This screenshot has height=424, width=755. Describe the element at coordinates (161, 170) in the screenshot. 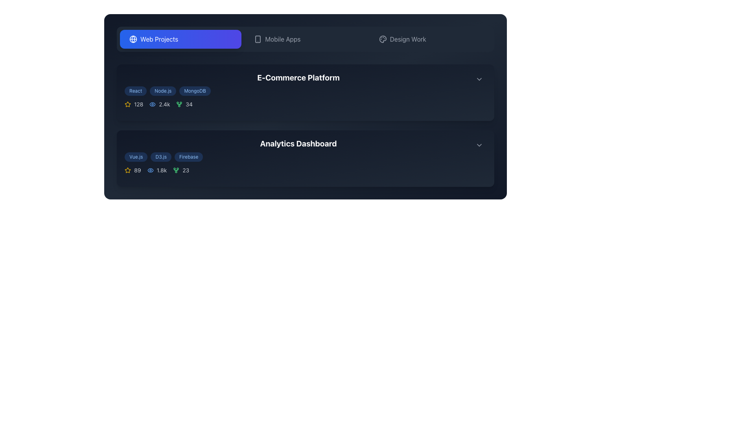

I see `the text label displaying the view count in the 'Analytics Dashboard' section, located centrally below the dashboard heading and adjacent to other statistics` at that location.